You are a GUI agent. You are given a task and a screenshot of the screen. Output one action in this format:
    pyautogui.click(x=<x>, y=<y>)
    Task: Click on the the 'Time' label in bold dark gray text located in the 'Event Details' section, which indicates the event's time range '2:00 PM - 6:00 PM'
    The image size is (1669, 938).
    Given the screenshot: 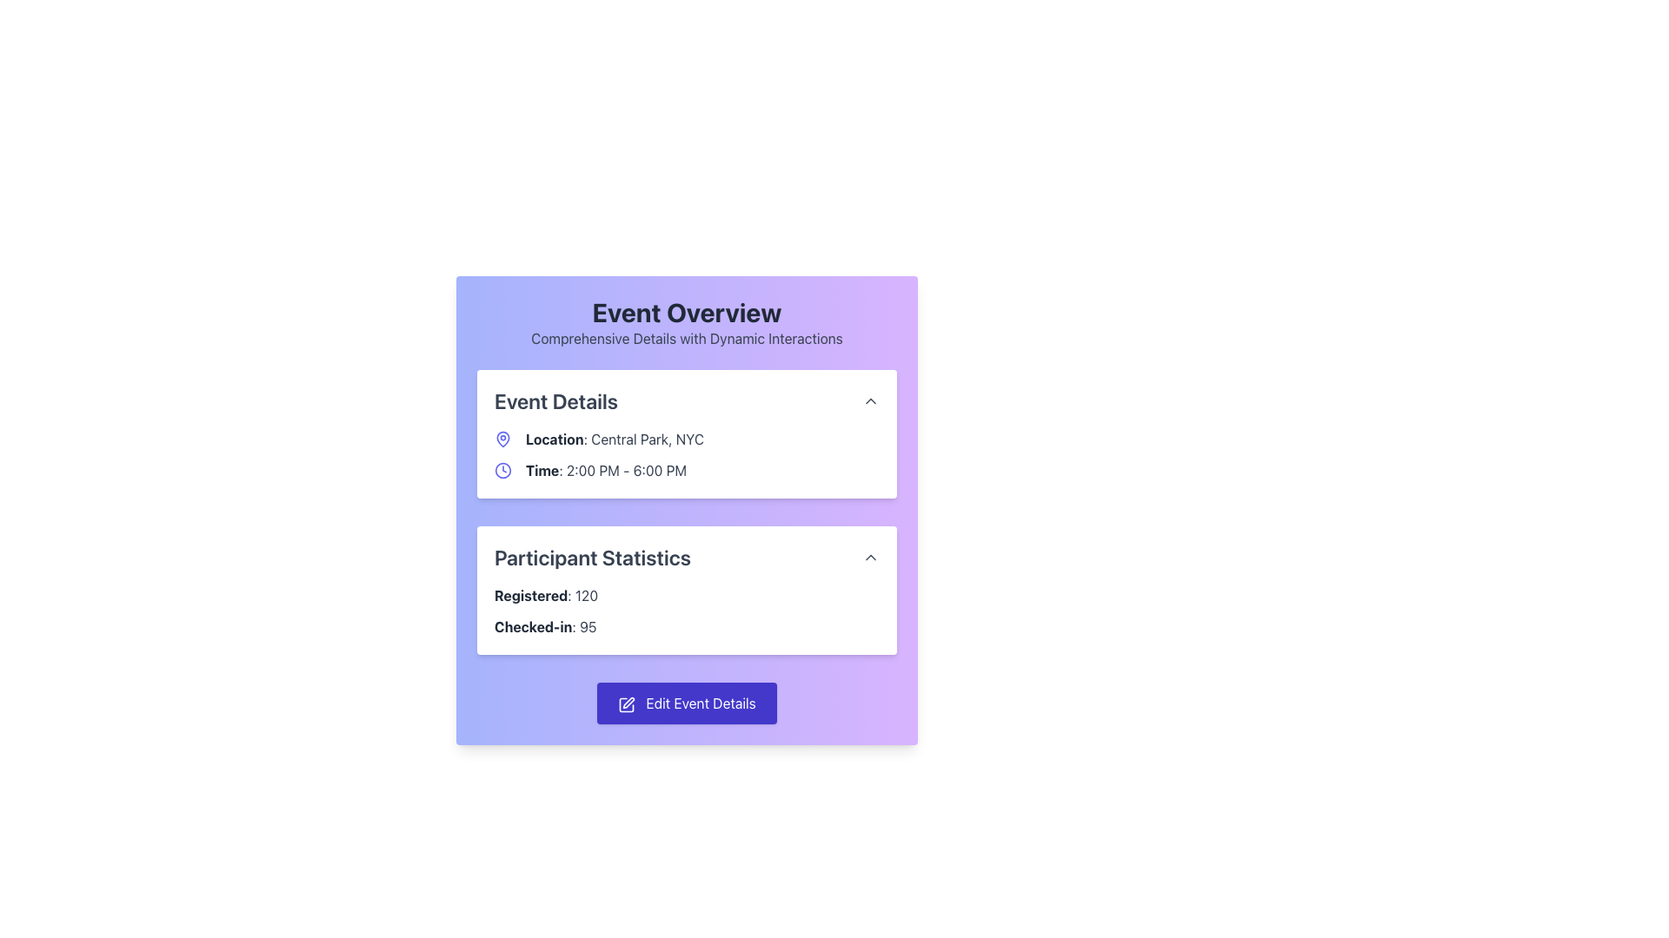 What is the action you would take?
    pyautogui.click(x=542, y=471)
    